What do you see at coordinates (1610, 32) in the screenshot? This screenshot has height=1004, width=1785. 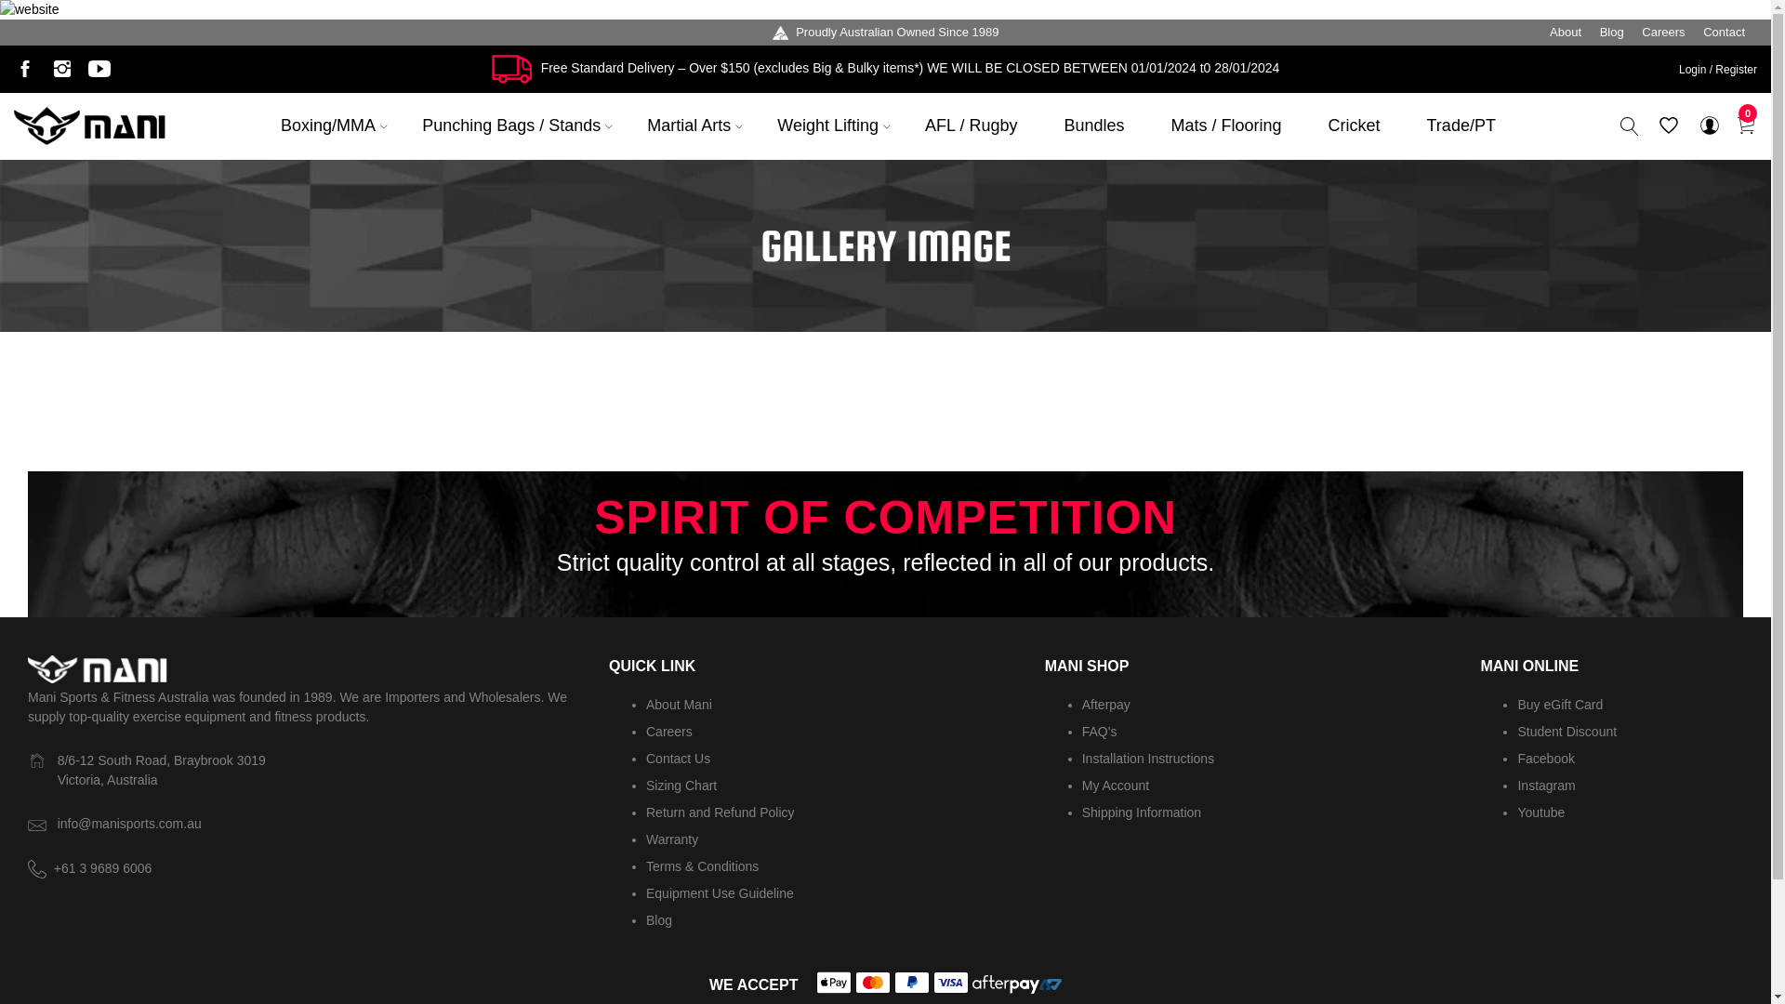 I see `'Blog'` at bounding box center [1610, 32].